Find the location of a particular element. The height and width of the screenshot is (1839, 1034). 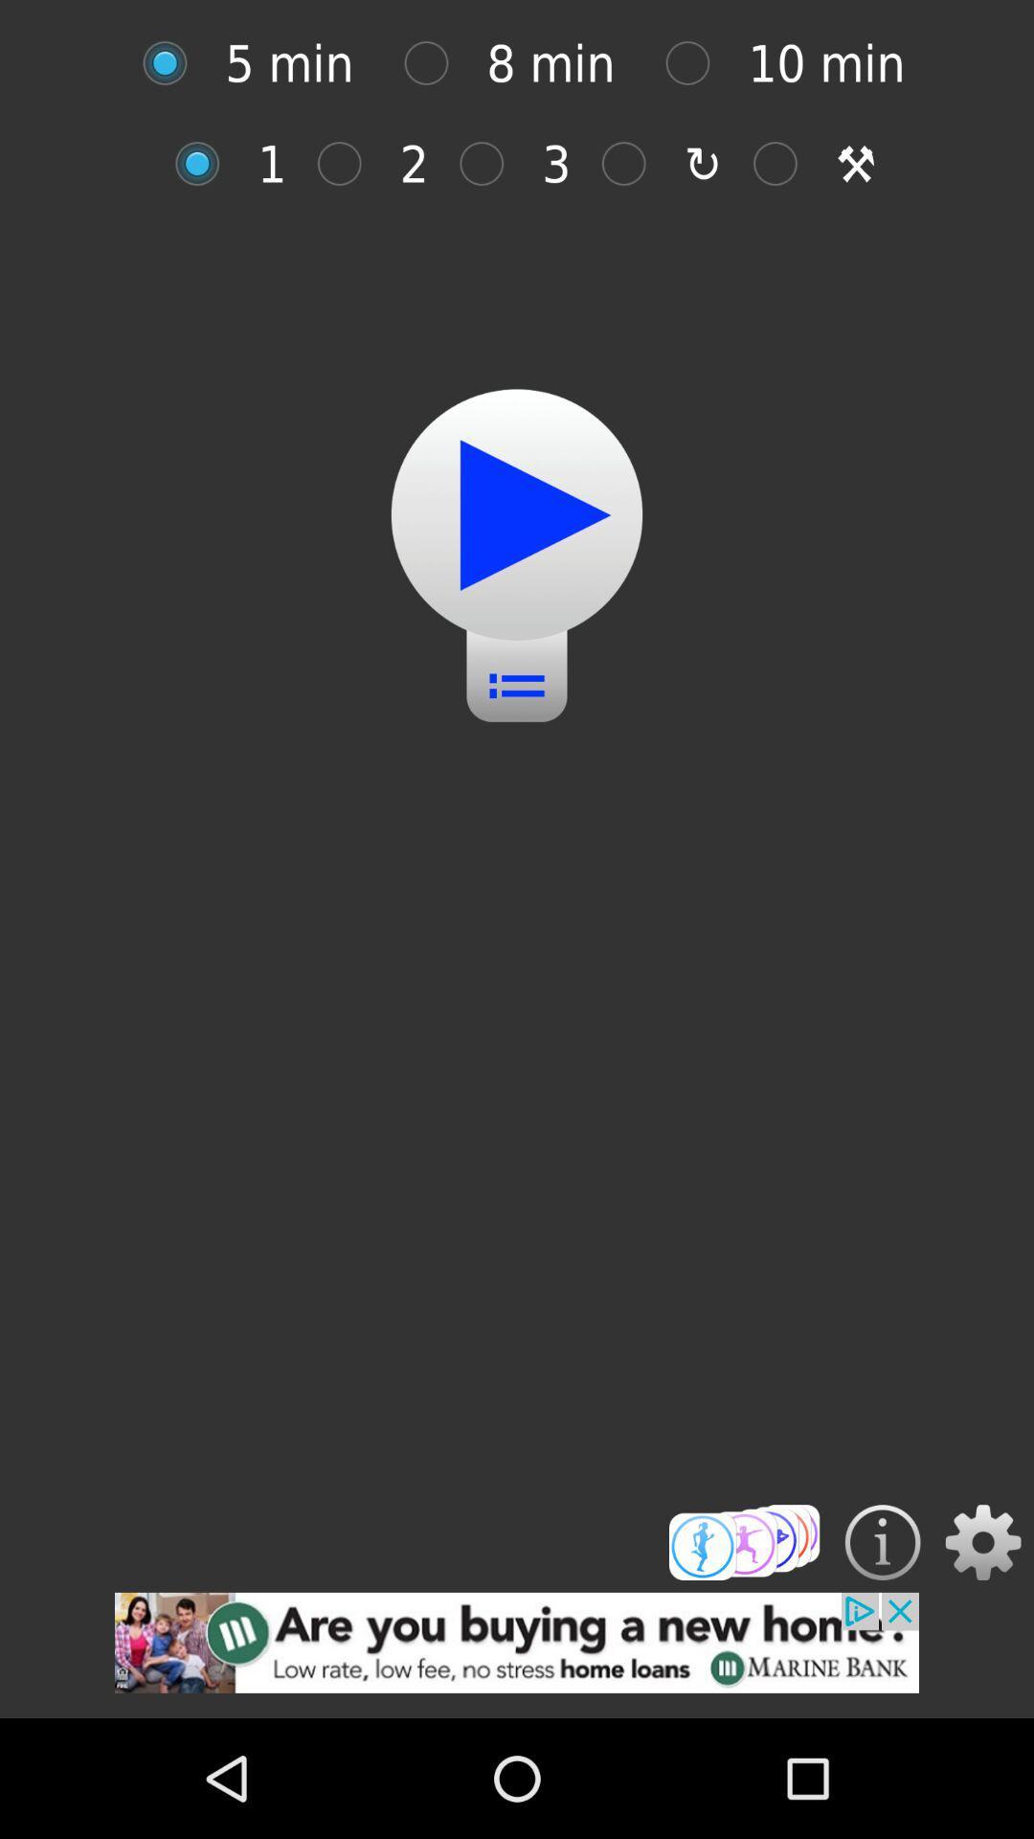

selection colomn is located at coordinates (634, 164).